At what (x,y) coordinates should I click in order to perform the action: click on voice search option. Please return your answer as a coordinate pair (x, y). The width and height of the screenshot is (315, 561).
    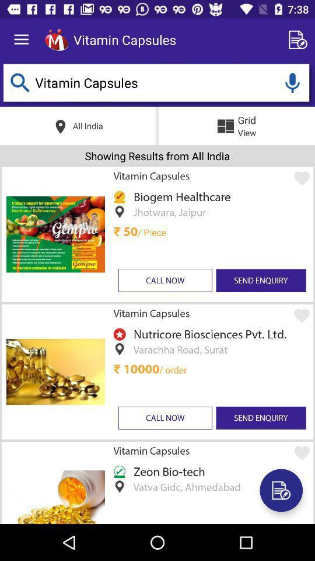
    Looking at the image, I should click on (292, 82).